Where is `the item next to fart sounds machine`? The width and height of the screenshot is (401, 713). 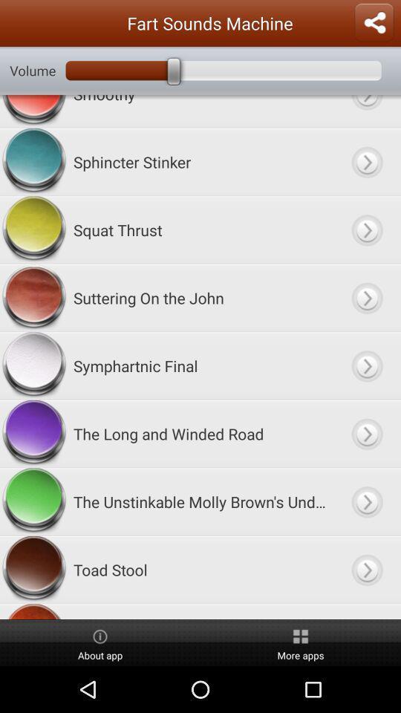
the item next to fart sounds machine is located at coordinates (373, 22).